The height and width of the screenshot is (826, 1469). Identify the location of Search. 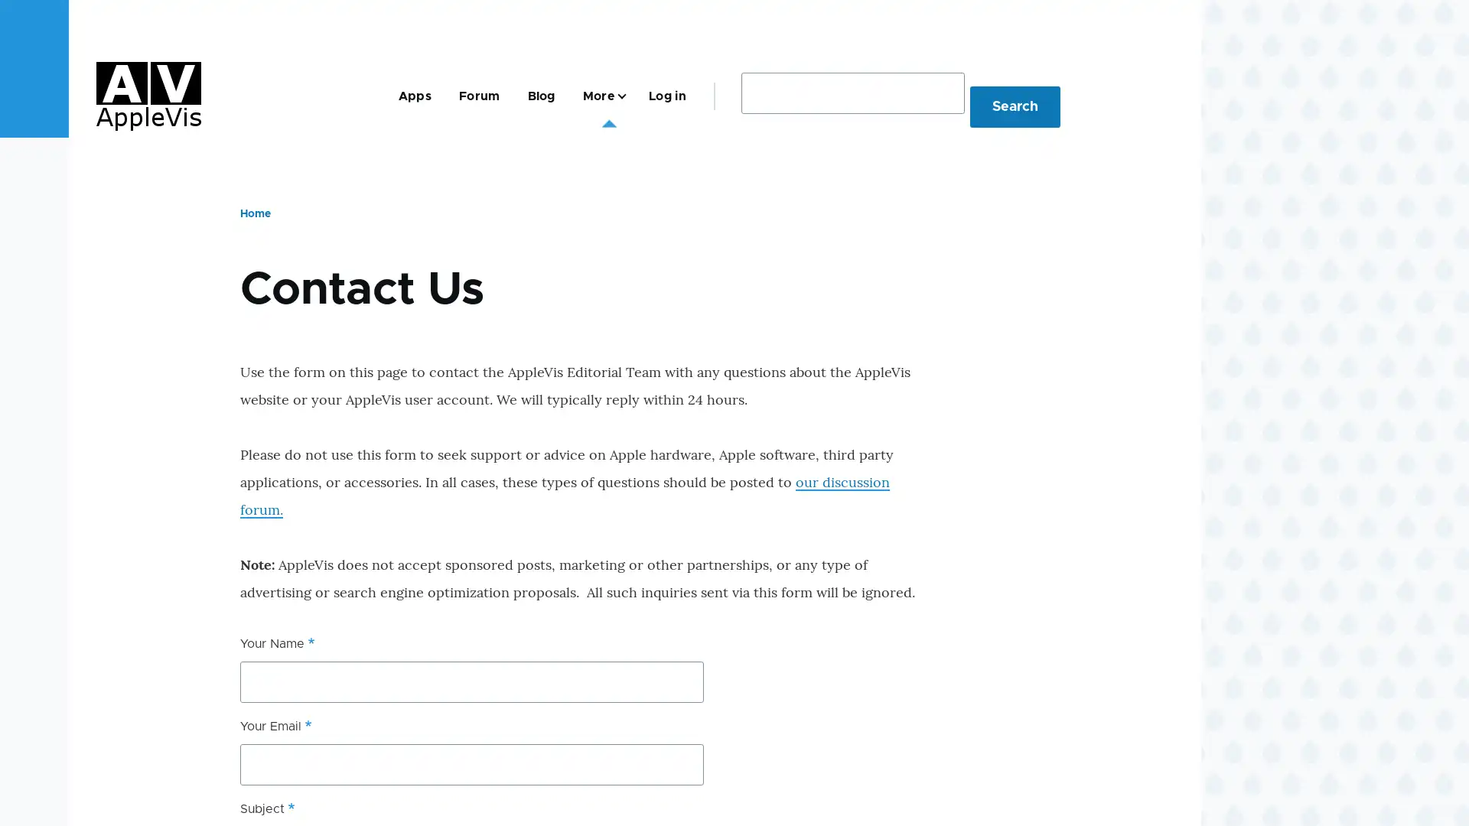
(1015, 105).